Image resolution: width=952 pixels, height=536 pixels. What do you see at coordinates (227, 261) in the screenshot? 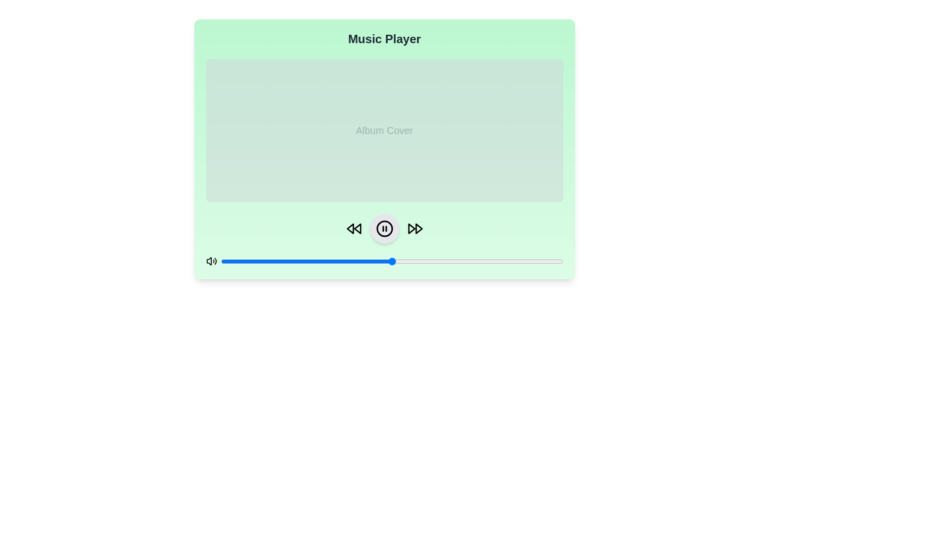
I see `volume level` at bounding box center [227, 261].